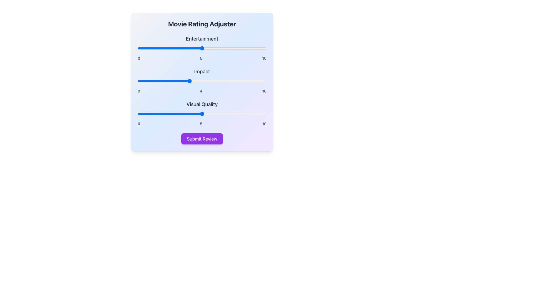  I want to click on the static text label displaying '0', which is styled with a gray font on a white background, positioned to the far left of the numerical labels under the 'Entertainment' slider, so click(139, 58).